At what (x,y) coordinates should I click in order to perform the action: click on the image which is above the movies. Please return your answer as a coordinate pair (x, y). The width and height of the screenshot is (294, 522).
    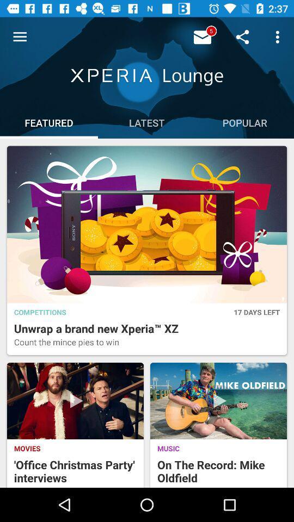
    Looking at the image, I should click on (75, 400).